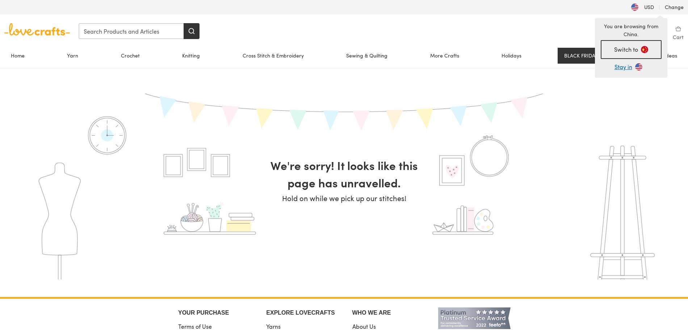 This screenshot has width=688, height=332. What do you see at coordinates (129, 55) in the screenshot?
I see `'Crochet'` at bounding box center [129, 55].